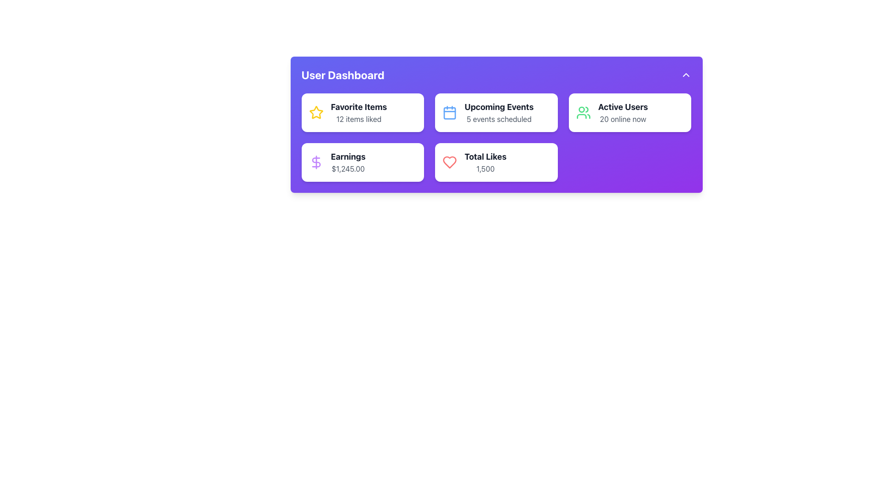 The height and width of the screenshot is (497, 883). Describe the element at coordinates (348, 168) in the screenshot. I see `the text displaying the amount '$1,245.00' located in the bottom-left card of the dashboard under the 'Earnings' label` at that location.